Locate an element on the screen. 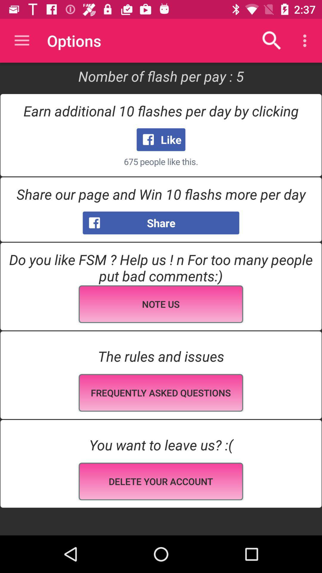 The height and width of the screenshot is (573, 322). the facebook icon is located at coordinates (80, 221).